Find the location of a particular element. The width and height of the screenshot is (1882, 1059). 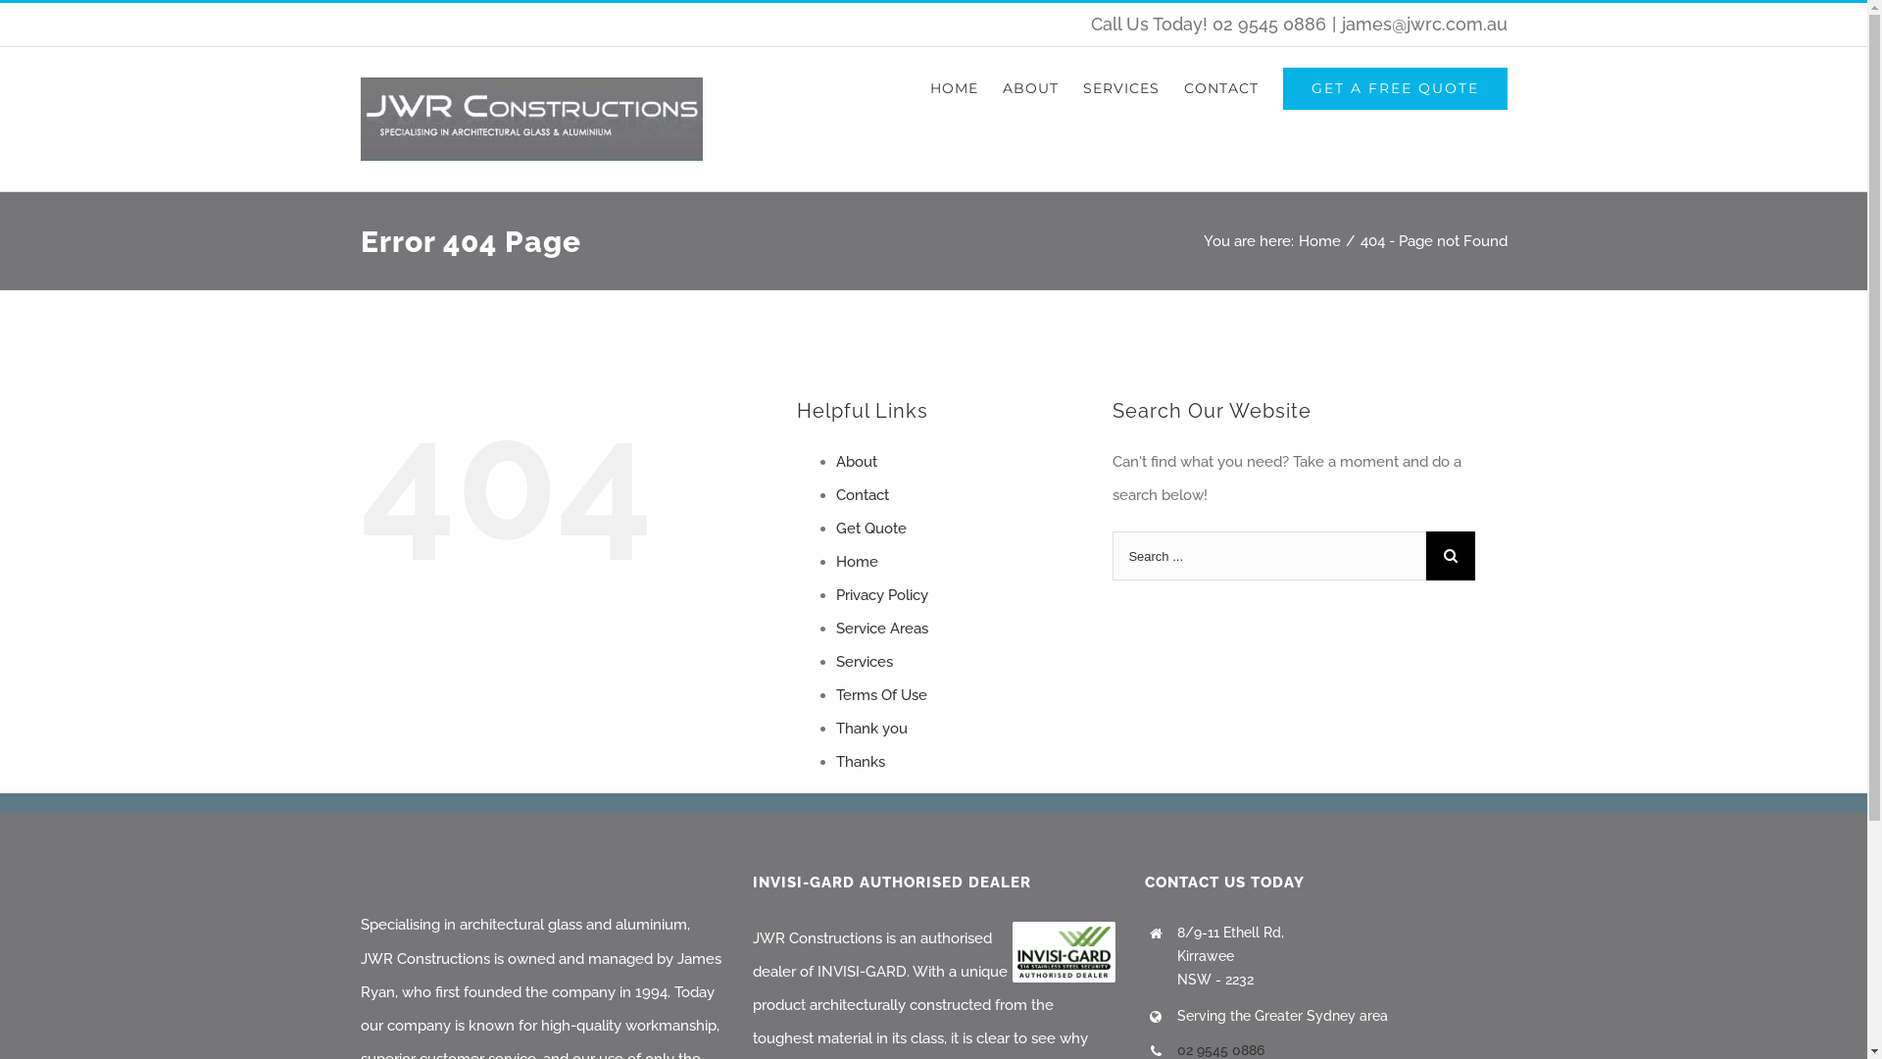

'Call Us Today! 02 9545 0886' is located at coordinates (1207, 24).